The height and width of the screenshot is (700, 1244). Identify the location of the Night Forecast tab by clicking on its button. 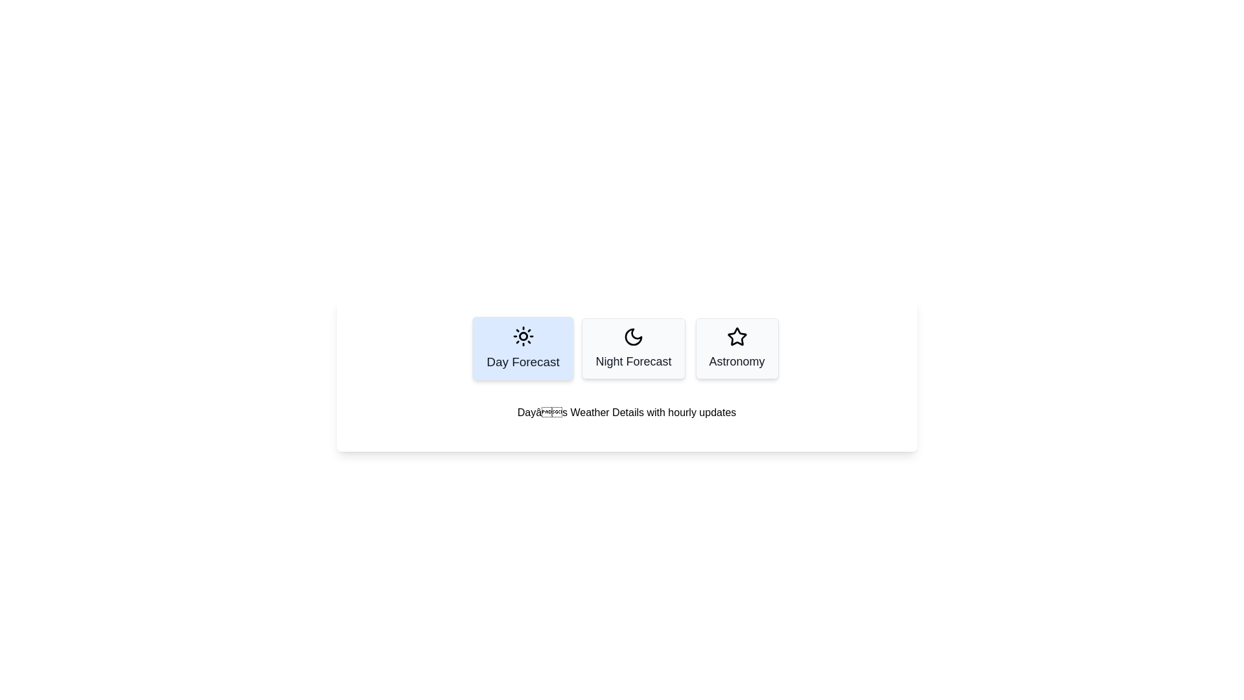
(634, 347).